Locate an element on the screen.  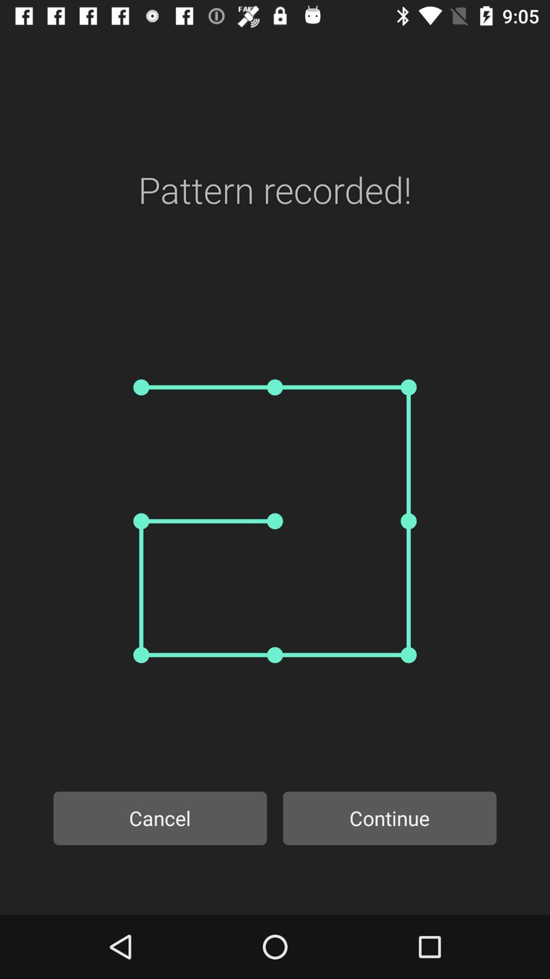
the cancel is located at coordinates (160, 818).